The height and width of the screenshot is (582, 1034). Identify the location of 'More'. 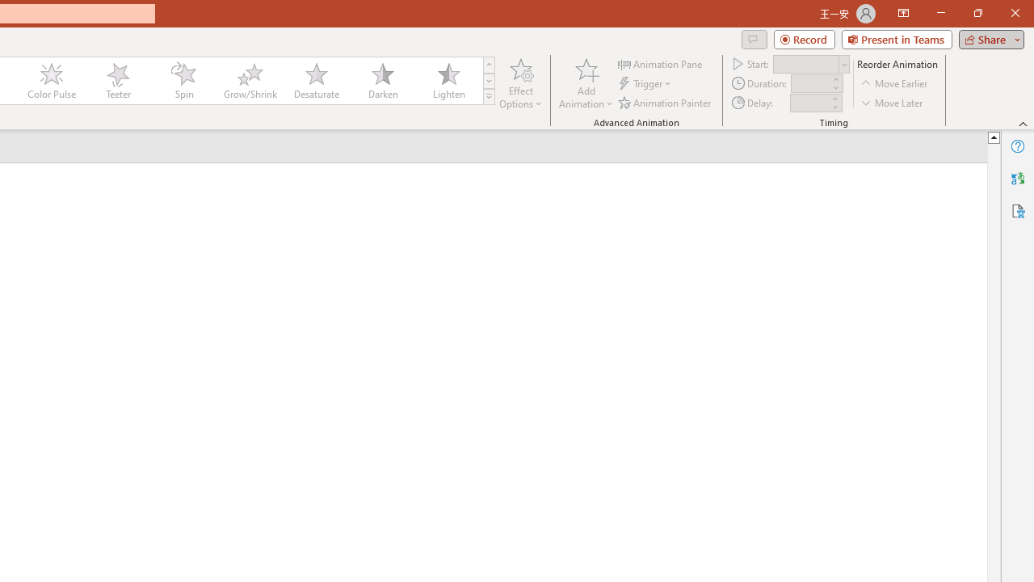
(834, 98).